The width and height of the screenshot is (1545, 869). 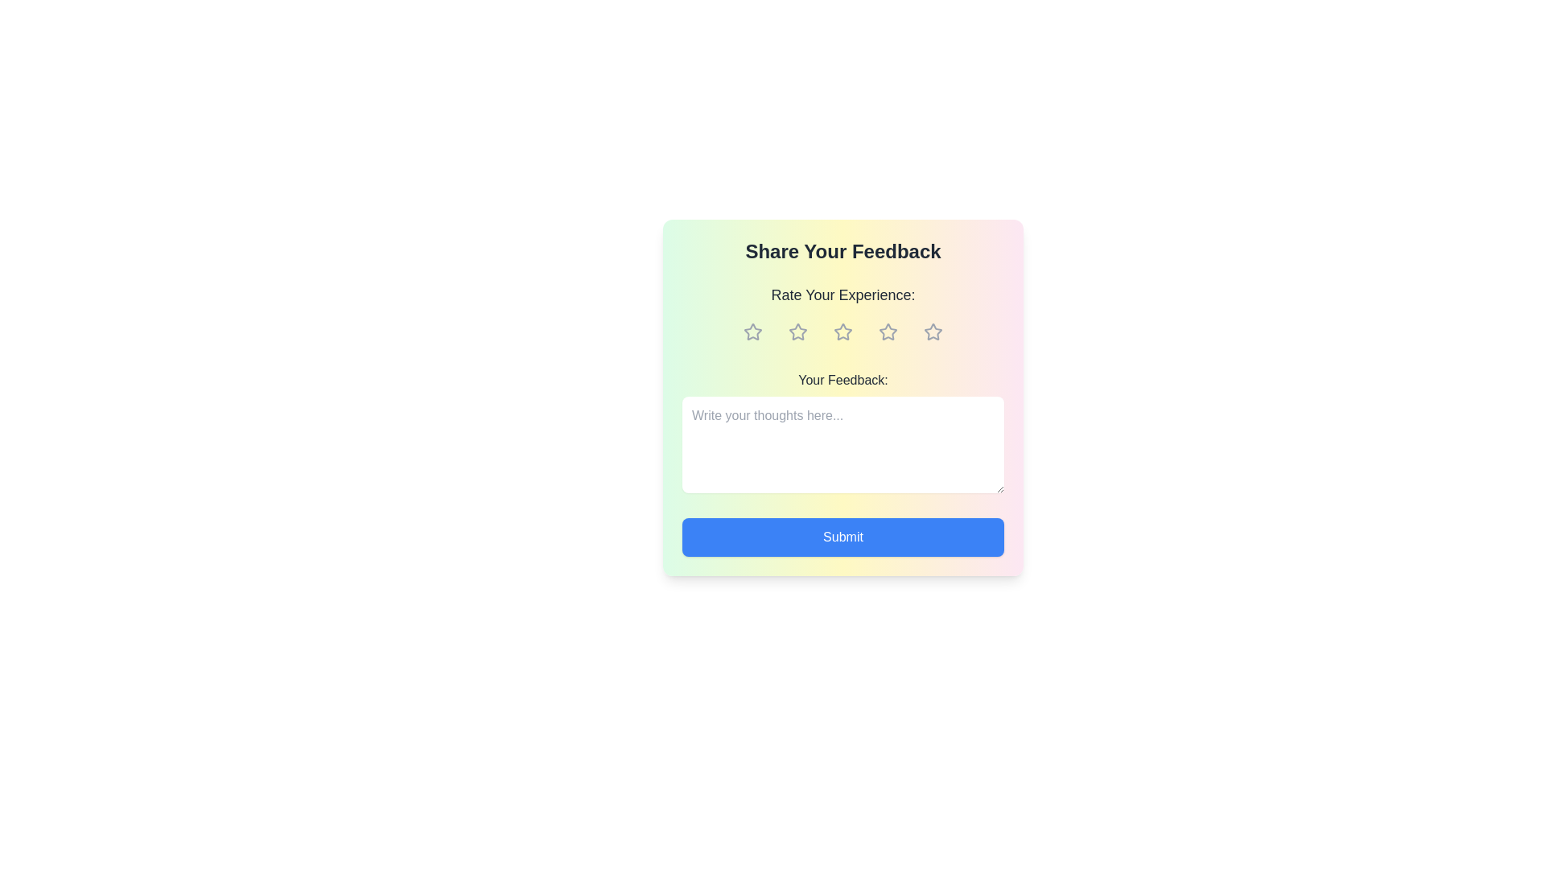 I want to click on the first star-shaped icon in the feedback rating system, so click(x=752, y=331).